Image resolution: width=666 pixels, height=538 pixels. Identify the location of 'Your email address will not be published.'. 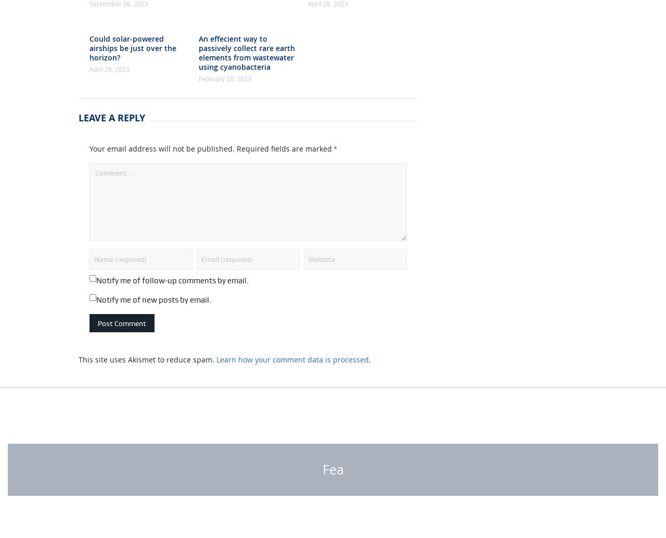
(161, 175).